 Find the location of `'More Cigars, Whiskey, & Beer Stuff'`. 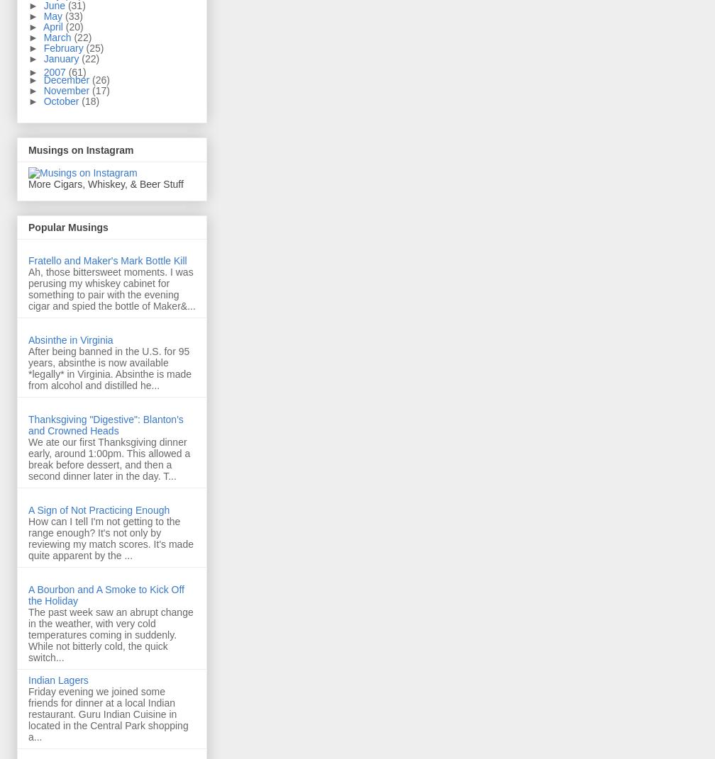

'More Cigars, Whiskey, & Beer Stuff' is located at coordinates (105, 183).